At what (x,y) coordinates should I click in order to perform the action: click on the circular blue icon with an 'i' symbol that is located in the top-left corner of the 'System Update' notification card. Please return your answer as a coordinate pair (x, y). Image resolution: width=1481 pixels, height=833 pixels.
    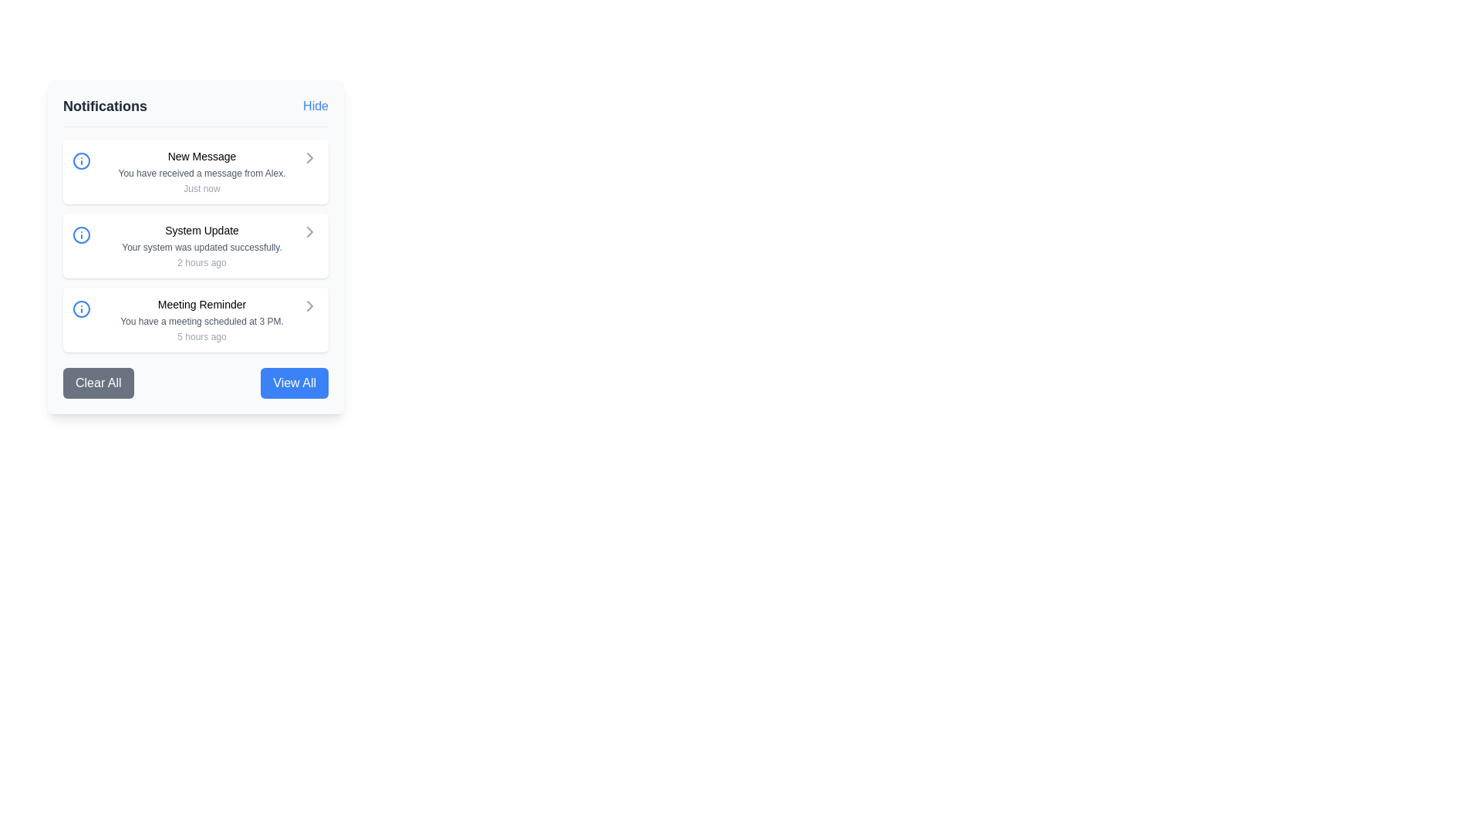
    Looking at the image, I should click on (80, 234).